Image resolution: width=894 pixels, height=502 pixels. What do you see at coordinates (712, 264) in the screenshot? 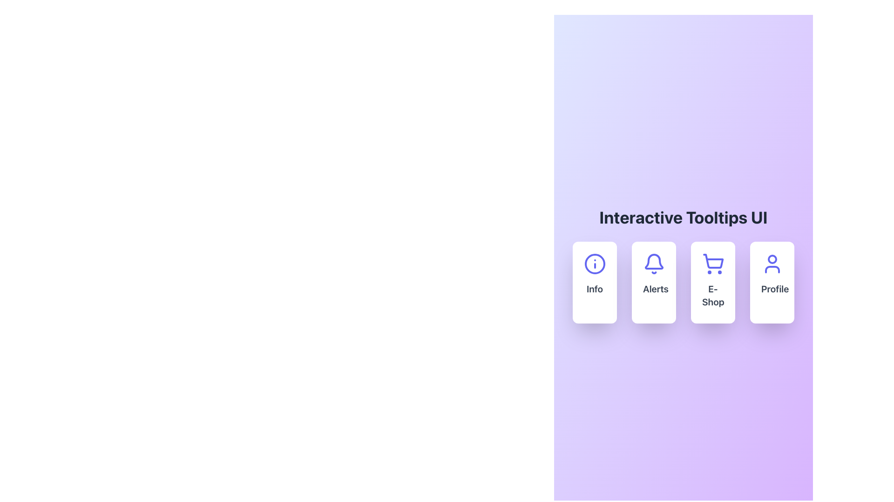
I see `the shopping cart graphic icon, which is the primary graphical element in the third card from the left, located above the text 'E-Shop'` at bounding box center [712, 264].